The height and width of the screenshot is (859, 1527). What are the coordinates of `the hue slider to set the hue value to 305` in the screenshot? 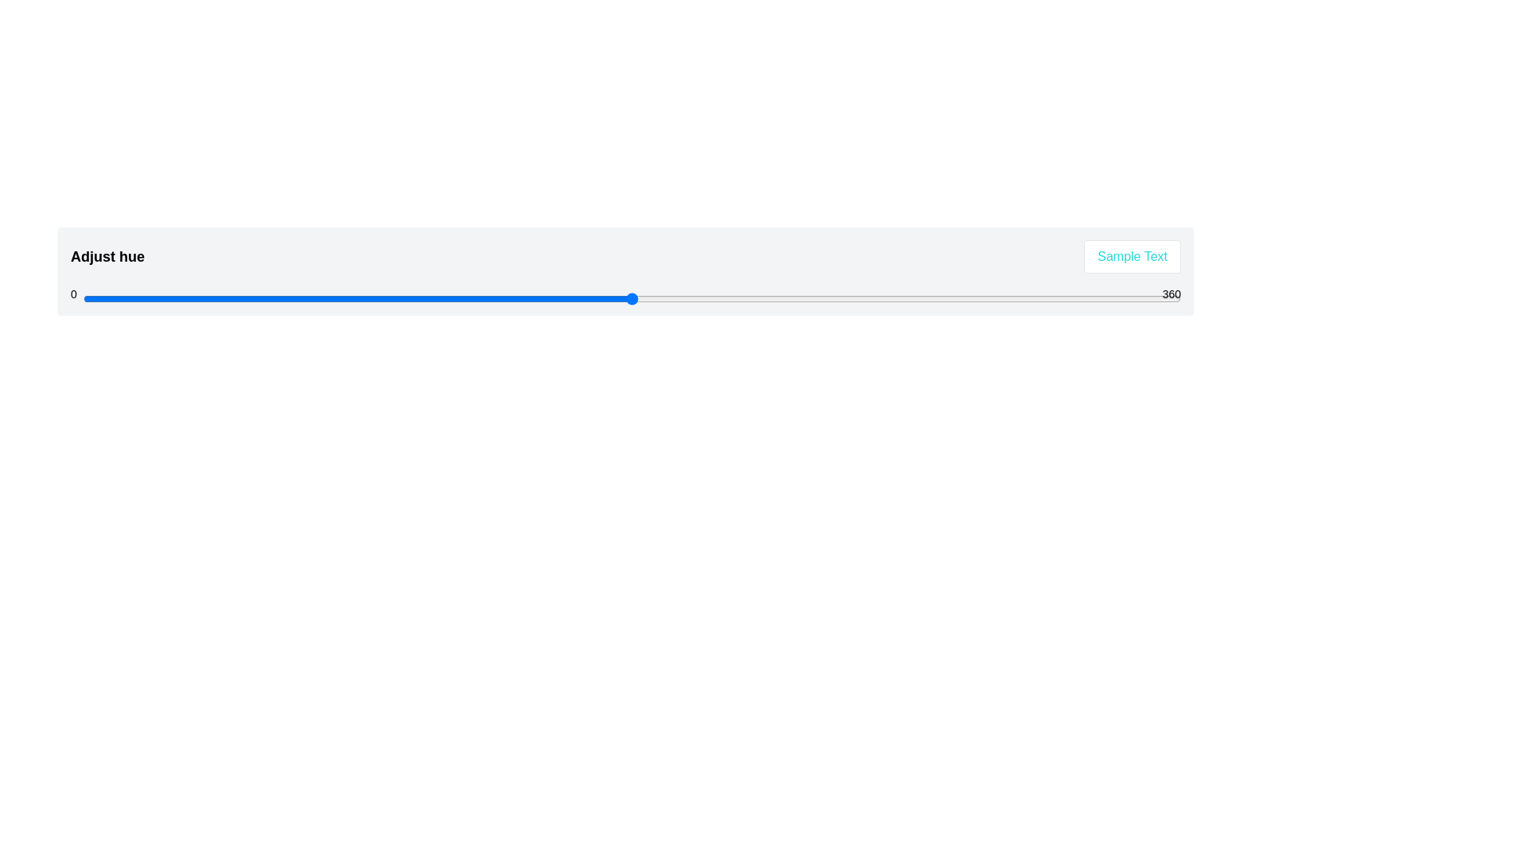 It's located at (1012, 298).